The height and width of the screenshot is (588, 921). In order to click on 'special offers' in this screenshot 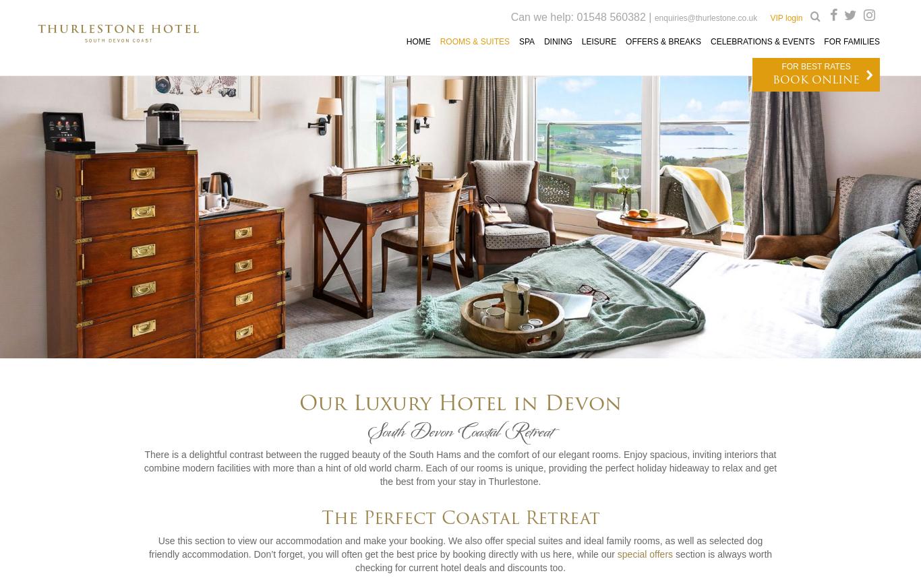, I will do `click(616, 554)`.